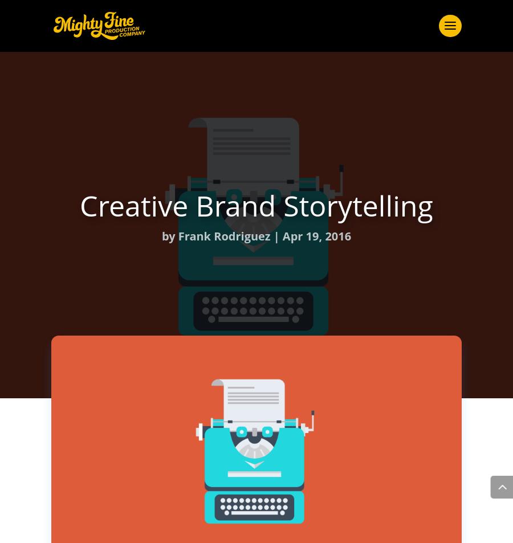 The image size is (513, 543). Describe the element at coordinates (256, 200) in the screenshot. I see `'Creative Juice'` at that location.